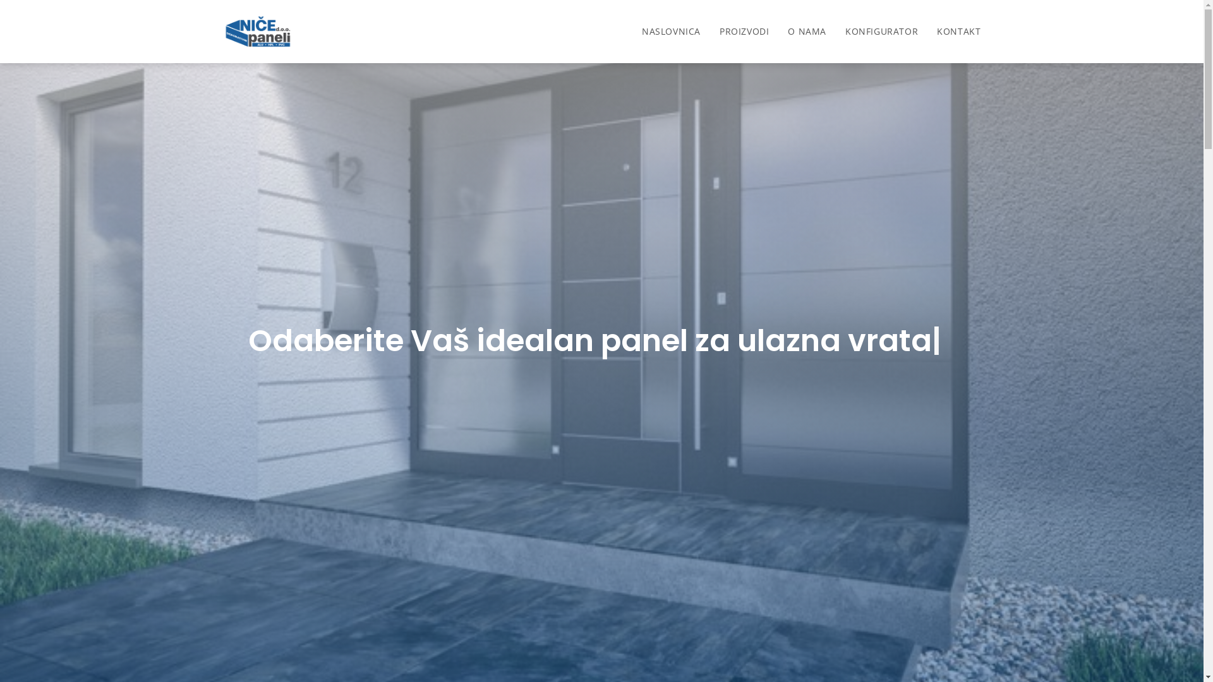  What do you see at coordinates (744, 31) in the screenshot?
I see `'PROIZVODI'` at bounding box center [744, 31].